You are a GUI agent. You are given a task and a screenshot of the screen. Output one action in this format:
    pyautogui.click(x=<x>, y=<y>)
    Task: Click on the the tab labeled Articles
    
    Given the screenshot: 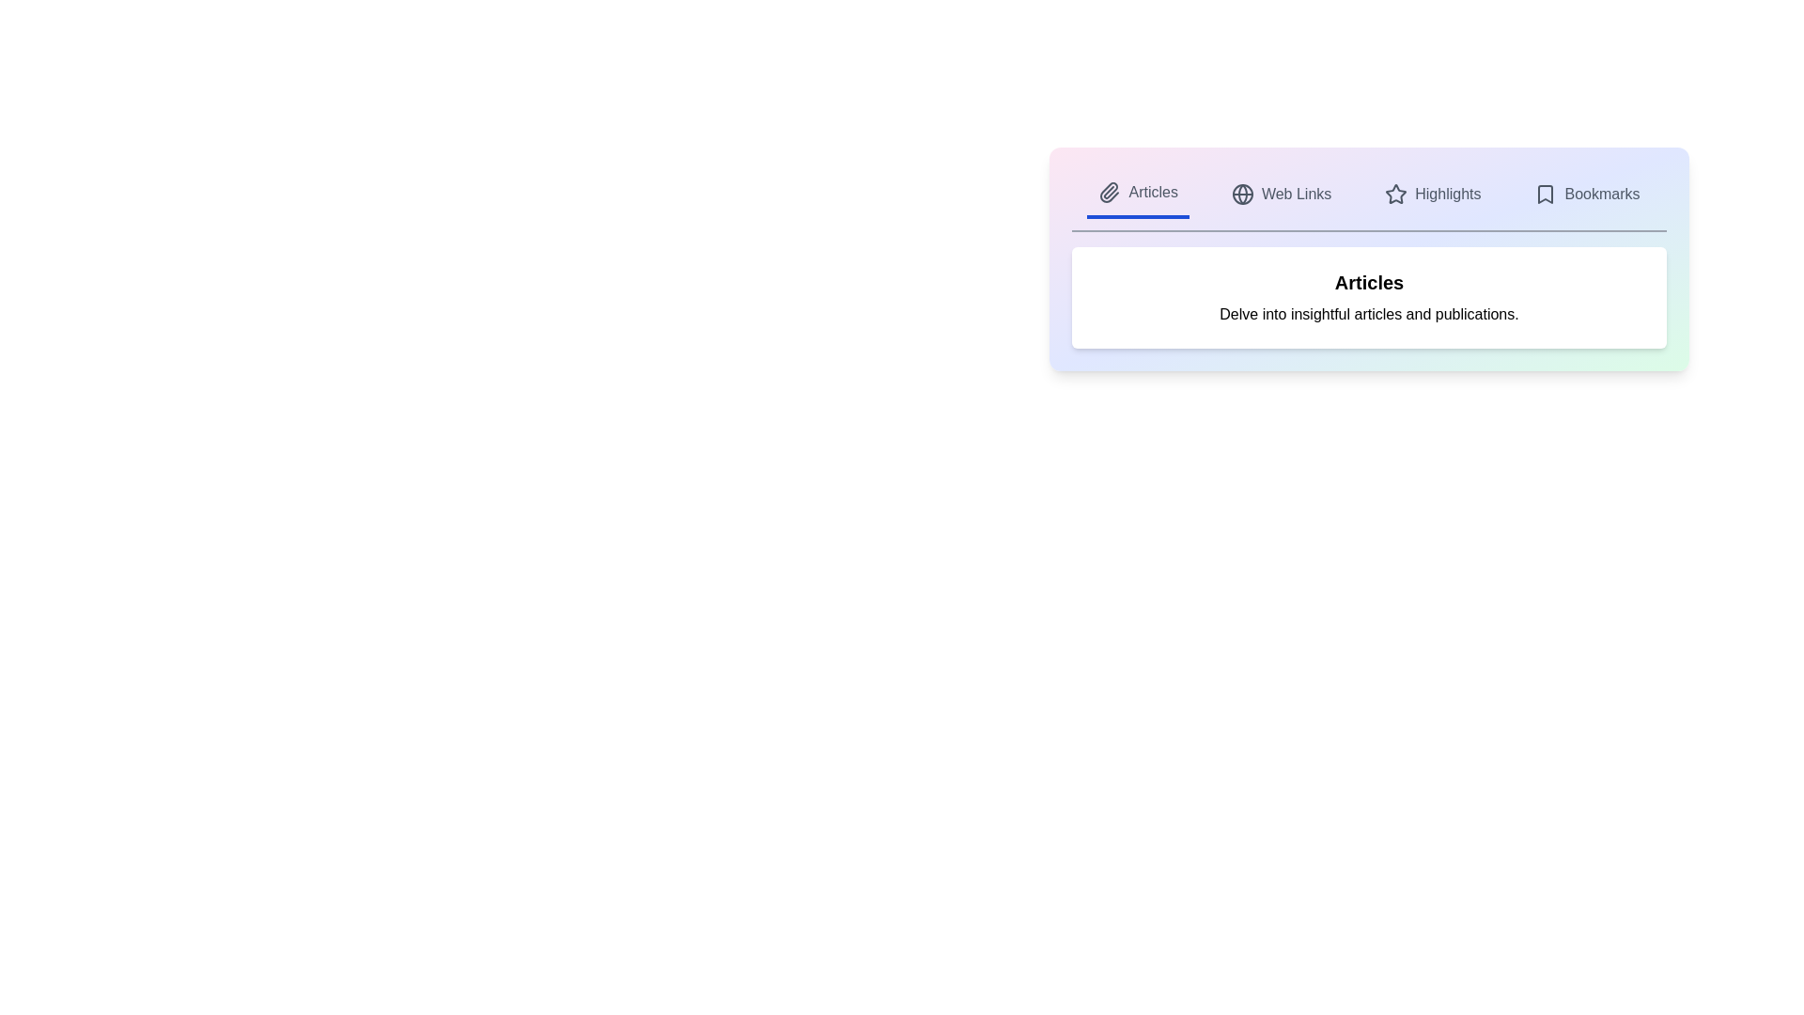 What is the action you would take?
    pyautogui.click(x=1137, y=195)
    